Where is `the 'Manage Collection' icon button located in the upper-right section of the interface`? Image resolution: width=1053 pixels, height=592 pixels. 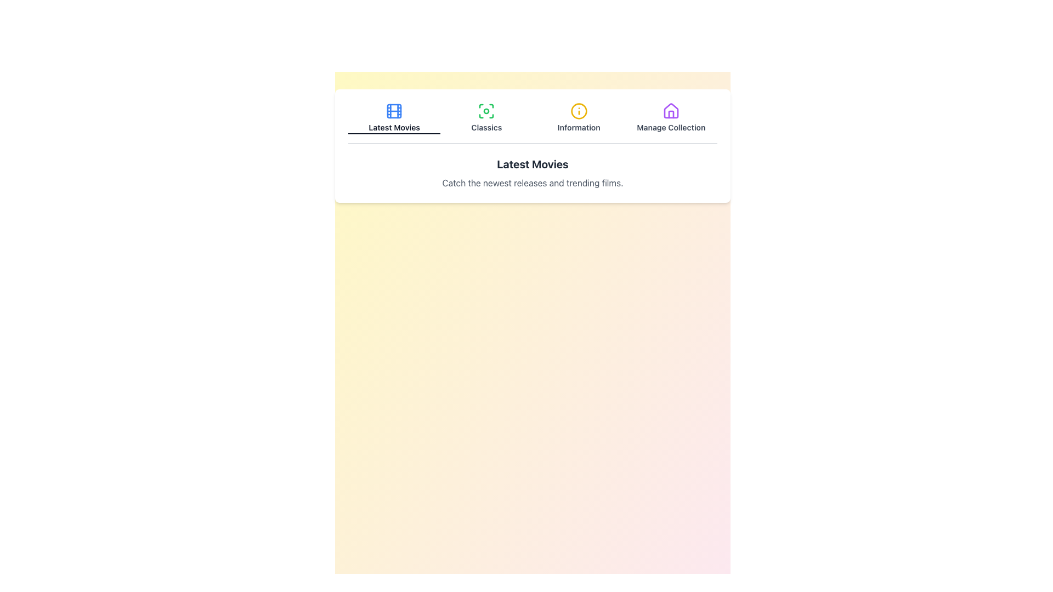 the 'Manage Collection' icon button located in the upper-right section of the interface is located at coordinates (670, 111).